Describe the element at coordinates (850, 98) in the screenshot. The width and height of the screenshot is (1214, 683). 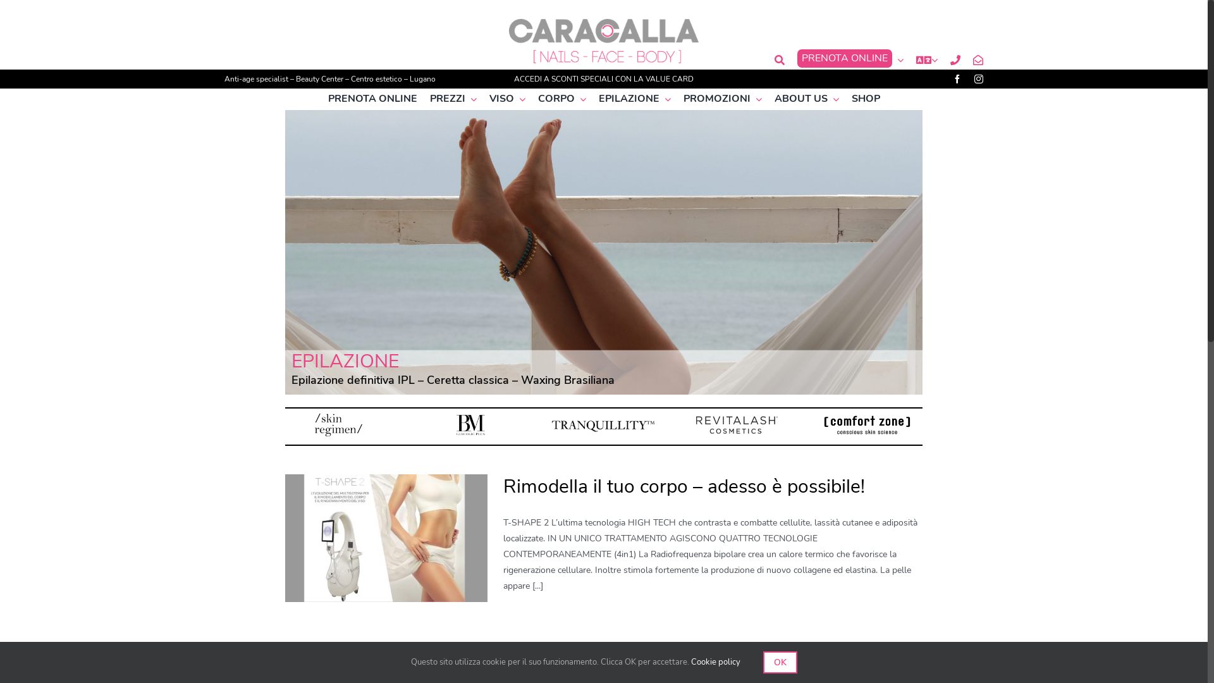
I see `'SHOP'` at that location.